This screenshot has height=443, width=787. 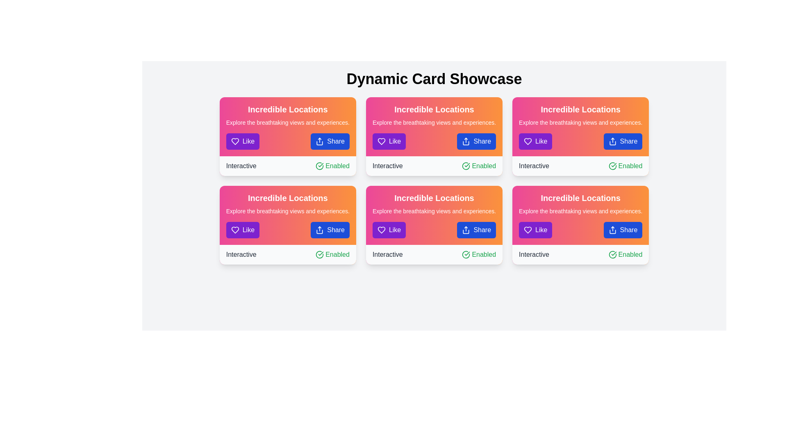 I want to click on the share icon, which is a stylized upward arrow integrated with the word 'Share' in a rounded blue rectangle button located at the bottom right of the card, so click(x=319, y=230).